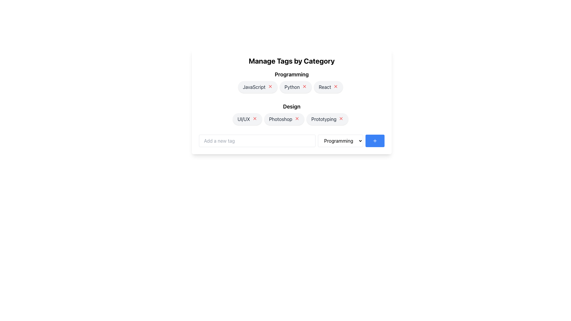 The width and height of the screenshot is (571, 321). Describe the element at coordinates (341, 118) in the screenshot. I see `the delete button located to the right of the 'Prototyping' tag under the 'Design' section to trigger the styling change` at that location.